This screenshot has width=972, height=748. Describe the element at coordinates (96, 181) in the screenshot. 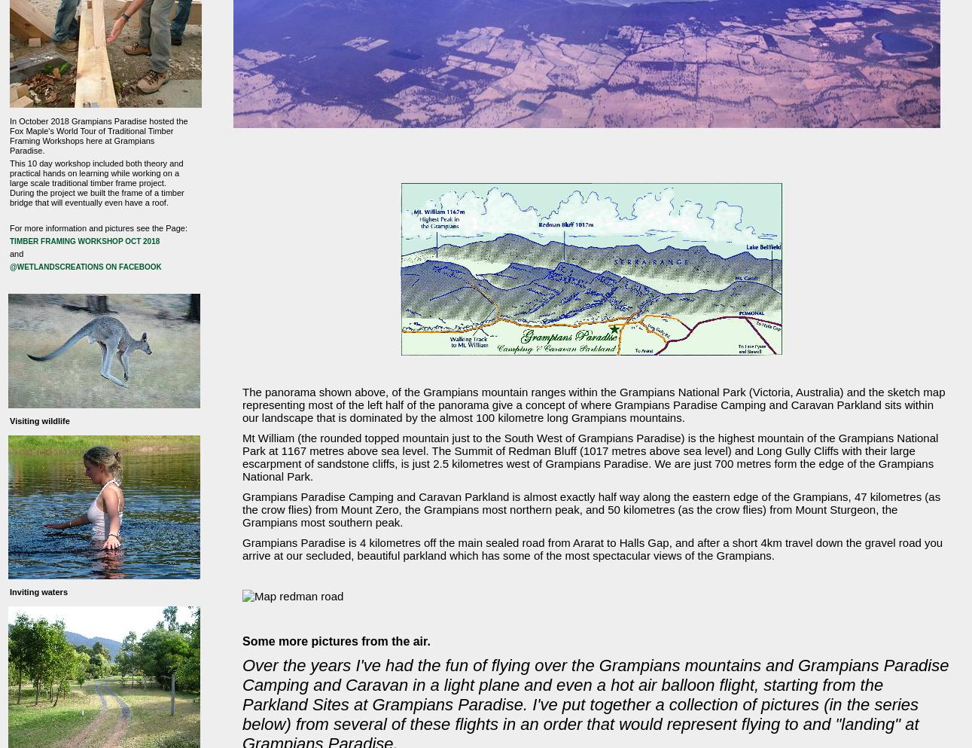

I see `'This 10 day workshop included both theory and practical hands on learning while working on a large scale traditional timber frame project. During the project we built the frame of a timber bridge that will eventually even have a roof.'` at that location.